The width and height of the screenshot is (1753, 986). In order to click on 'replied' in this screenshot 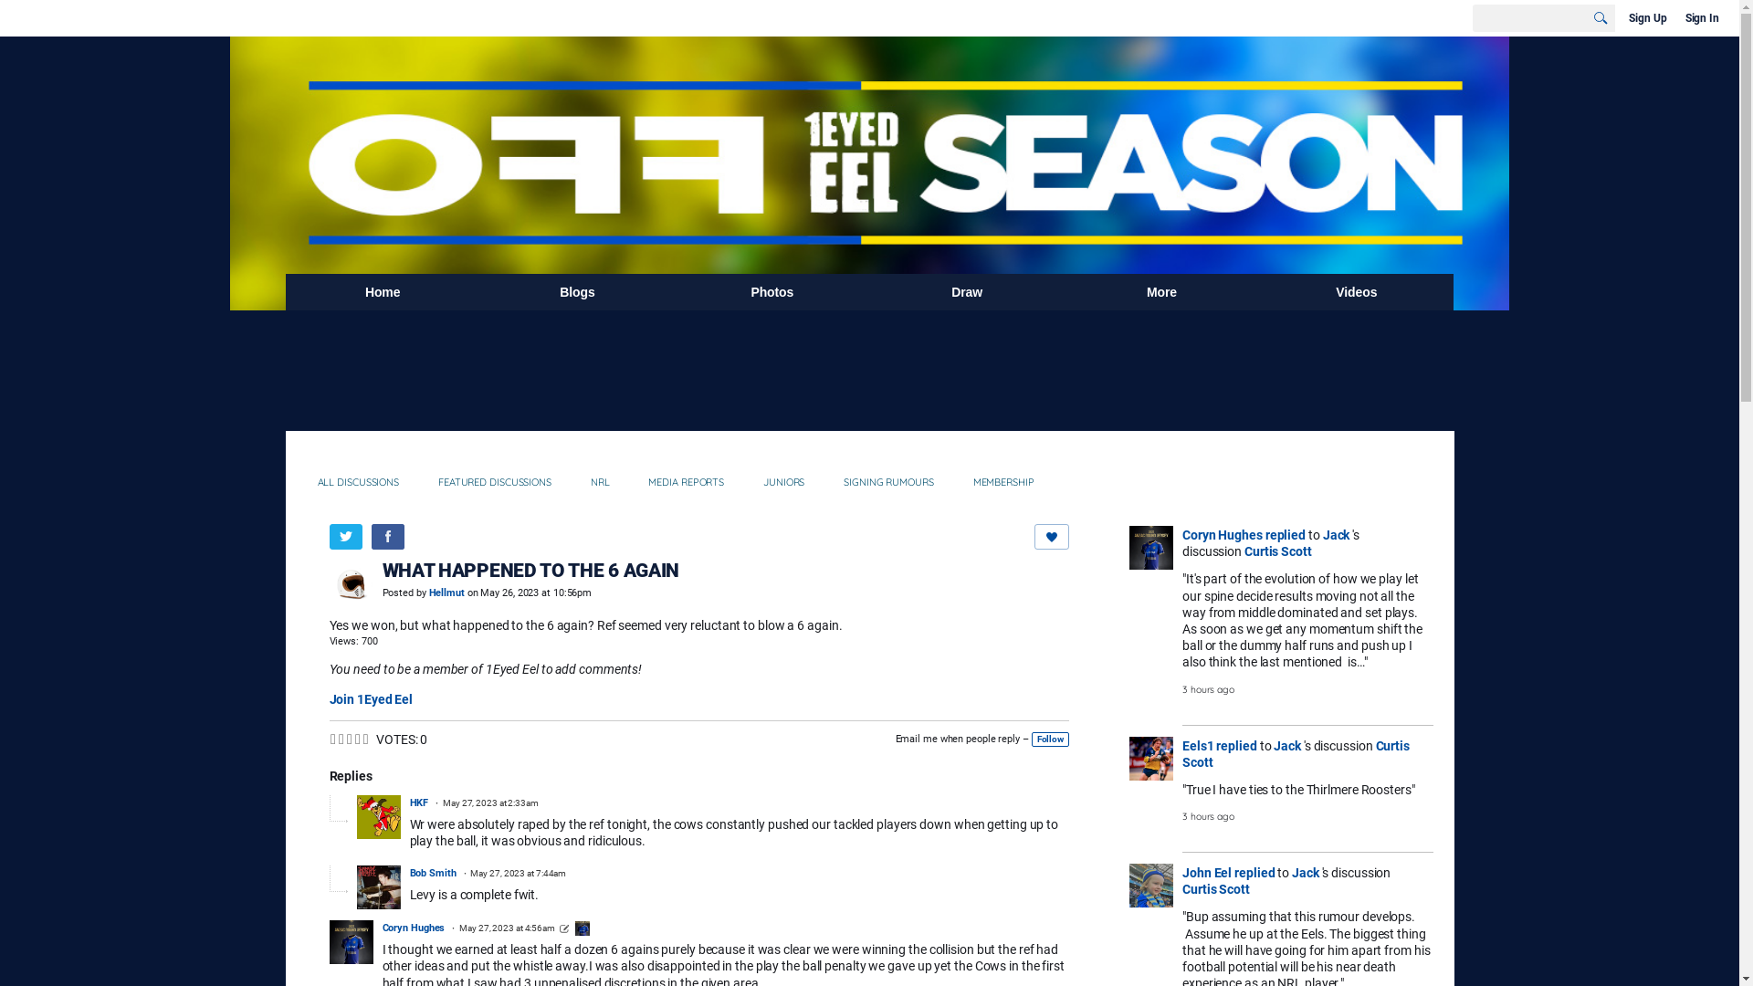, I will do `click(1284, 534)`.